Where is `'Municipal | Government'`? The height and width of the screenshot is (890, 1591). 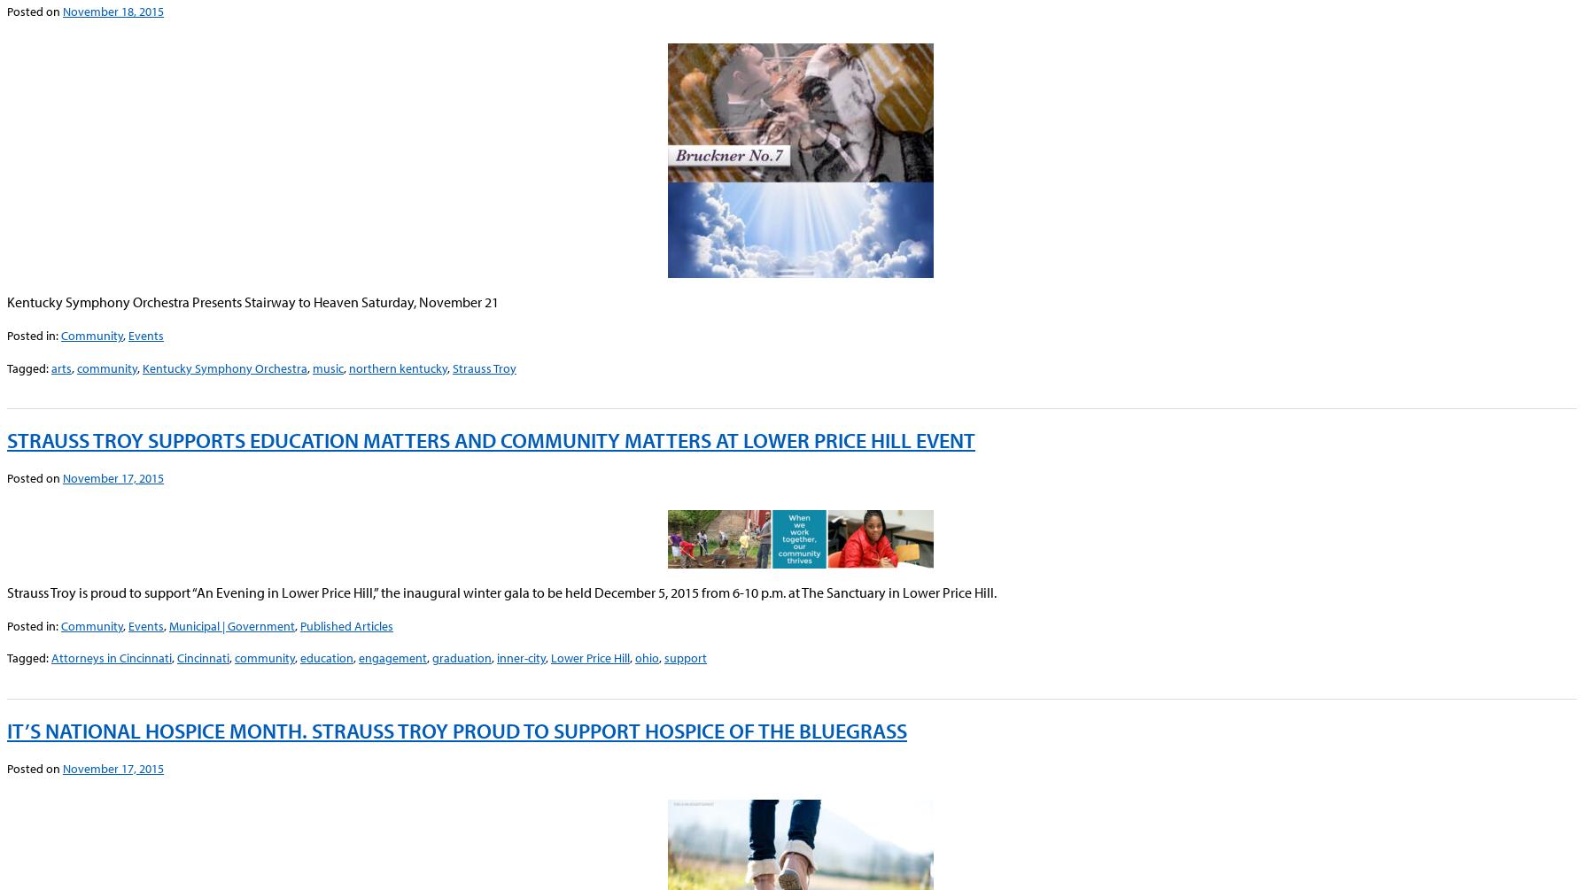 'Municipal | Government' is located at coordinates (232, 625).